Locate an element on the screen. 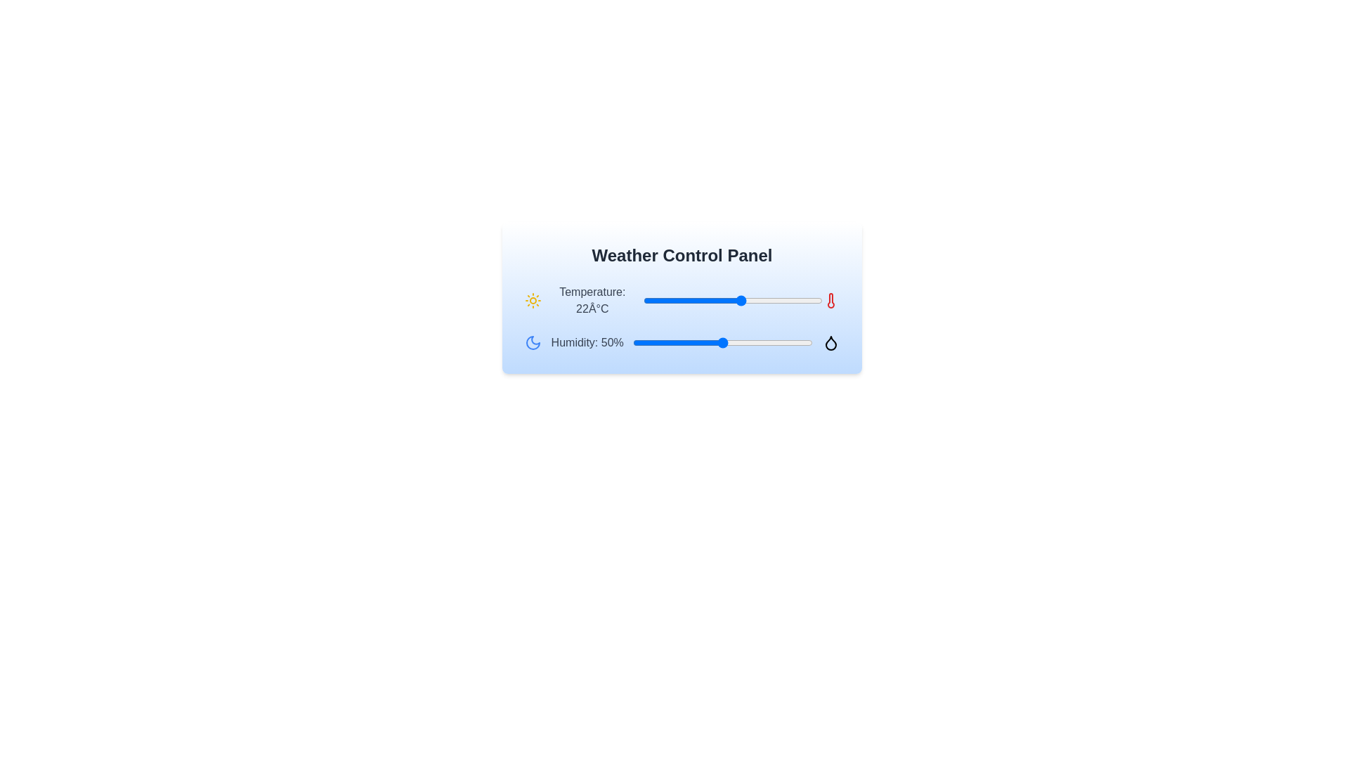  the humidity slider to set the humidity to 98% is located at coordinates (809, 343).